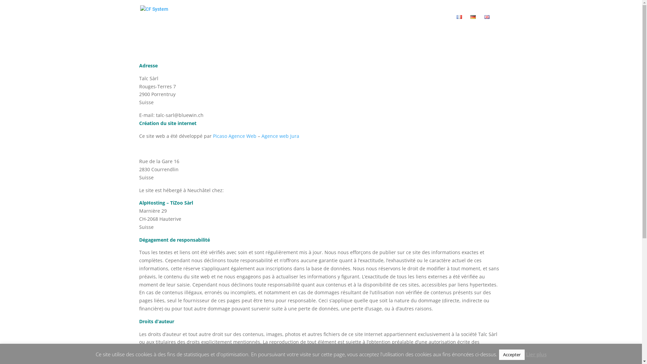 This screenshot has height=364, width=647. What do you see at coordinates (280, 136) in the screenshot?
I see `'Agence web Jura'` at bounding box center [280, 136].